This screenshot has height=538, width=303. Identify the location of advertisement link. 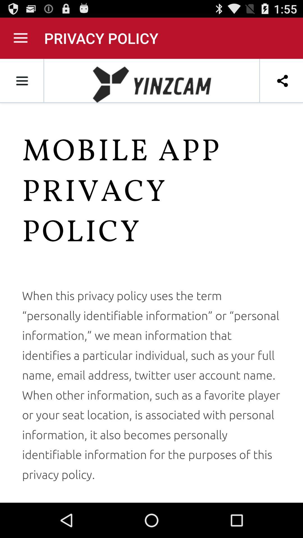
(151, 281).